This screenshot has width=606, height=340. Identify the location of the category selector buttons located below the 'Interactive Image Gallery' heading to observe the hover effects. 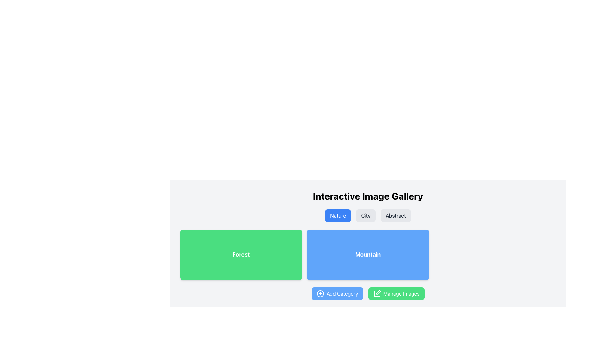
(368, 215).